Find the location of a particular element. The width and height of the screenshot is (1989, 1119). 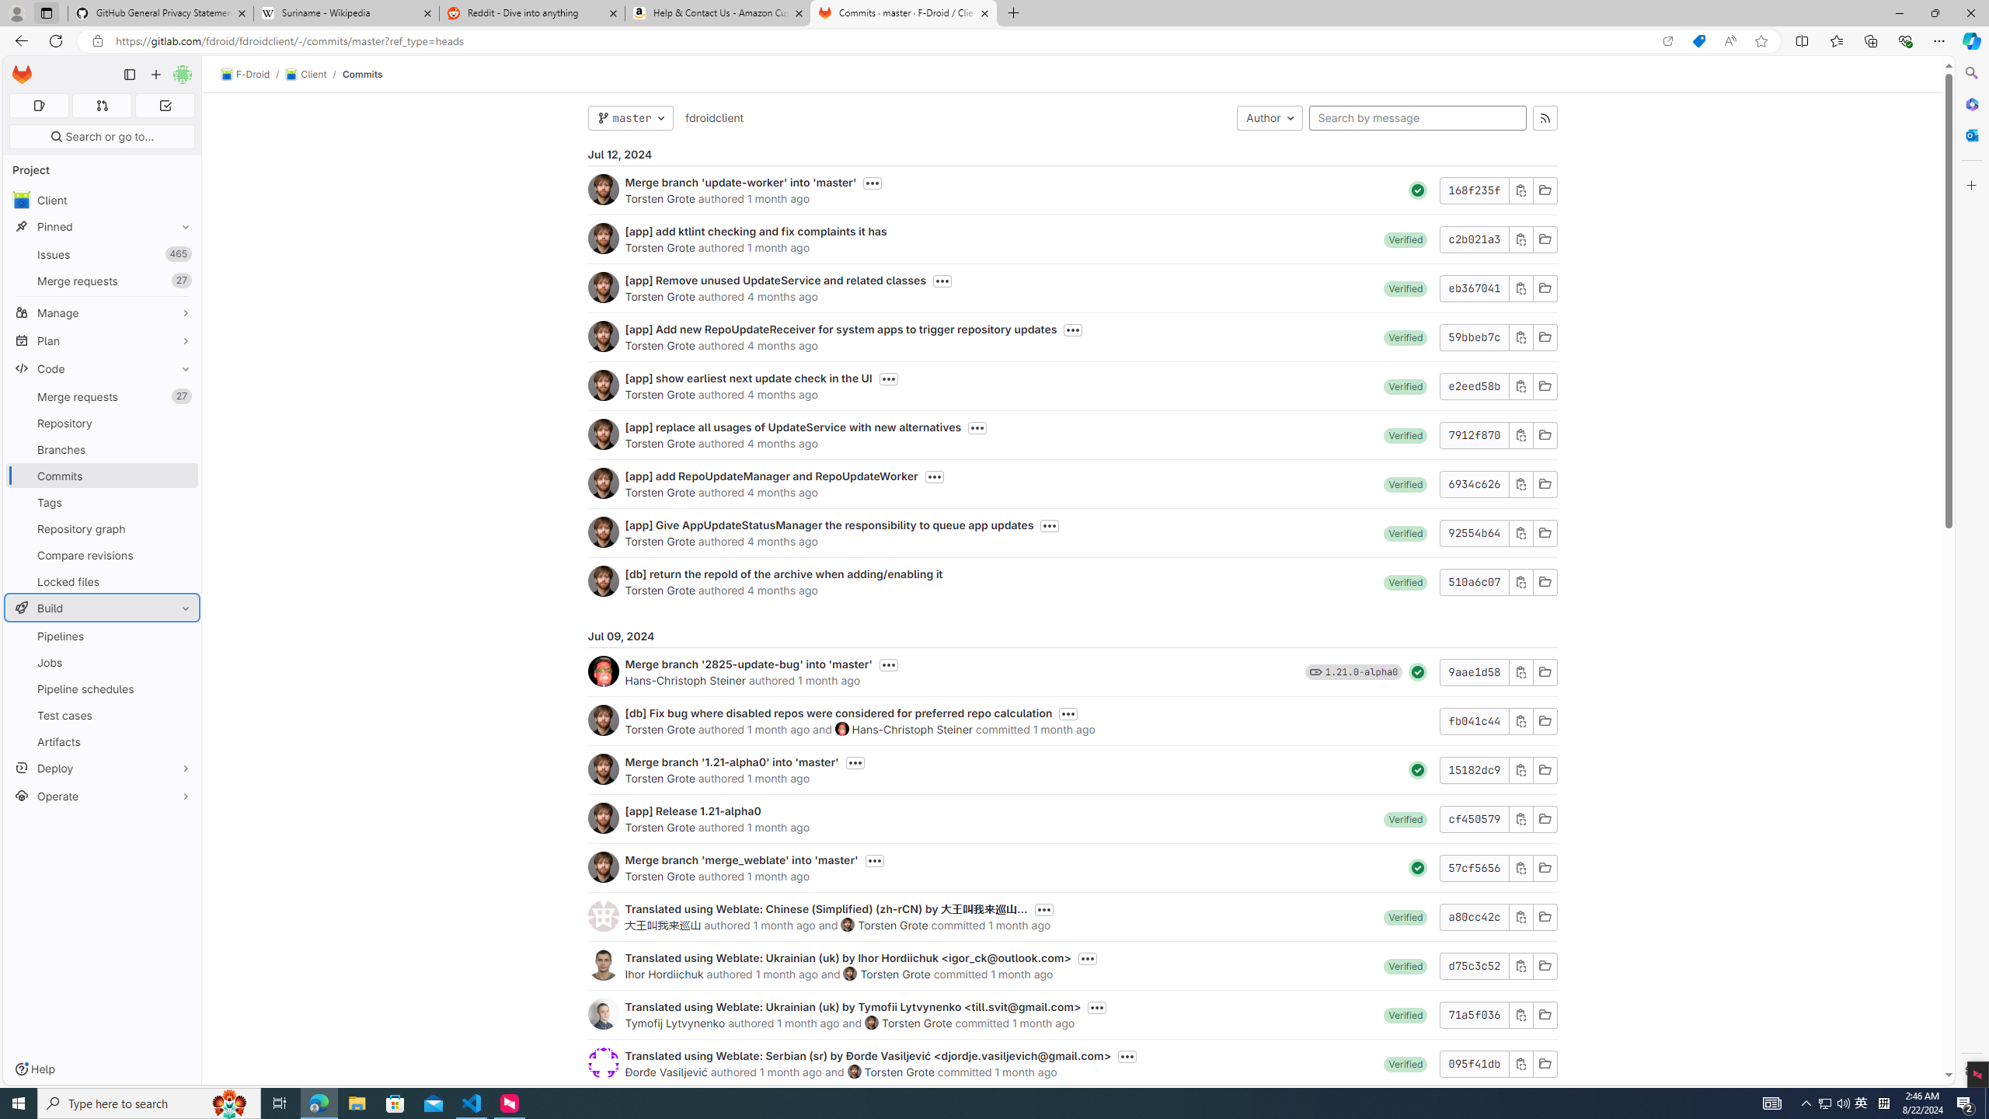

'Pipelines' is located at coordinates (101, 635).